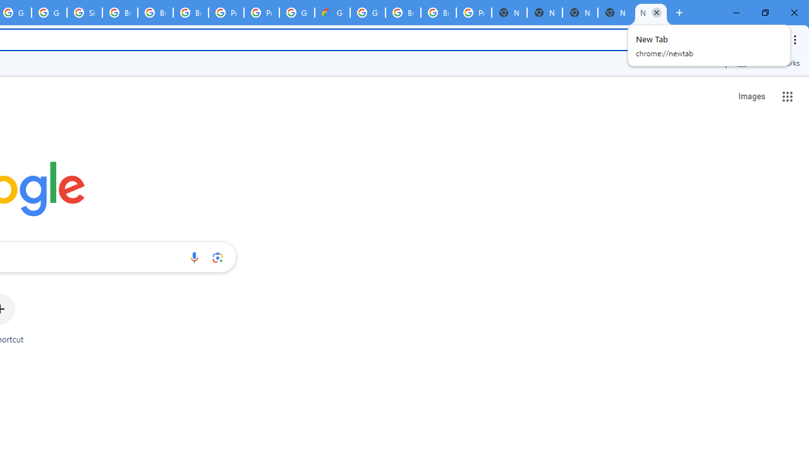 This screenshot has height=455, width=809. What do you see at coordinates (217, 257) in the screenshot?
I see `'Search by image'` at bounding box center [217, 257].